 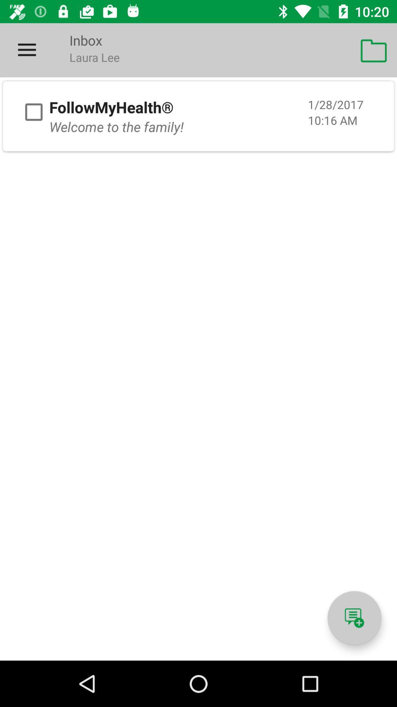 I want to click on new message, so click(x=354, y=618).